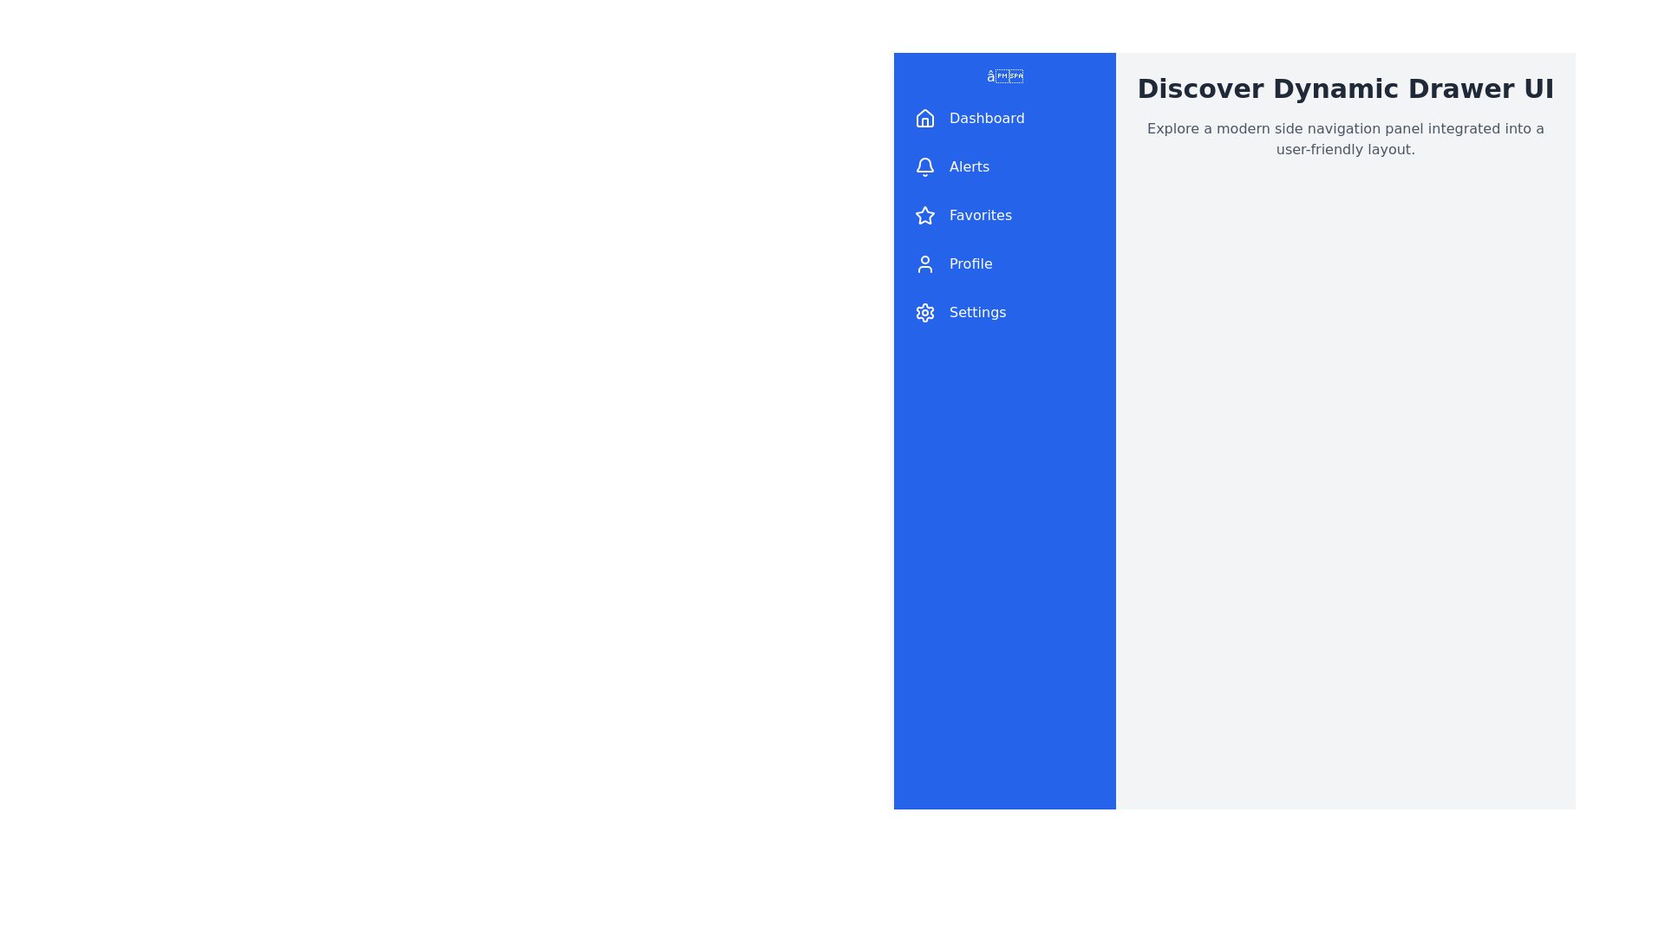  What do you see at coordinates (924, 215) in the screenshot?
I see `the star-shaped icon in the left-side navigation bar adjacent to the text 'Favorites'` at bounding box center [924, 215].